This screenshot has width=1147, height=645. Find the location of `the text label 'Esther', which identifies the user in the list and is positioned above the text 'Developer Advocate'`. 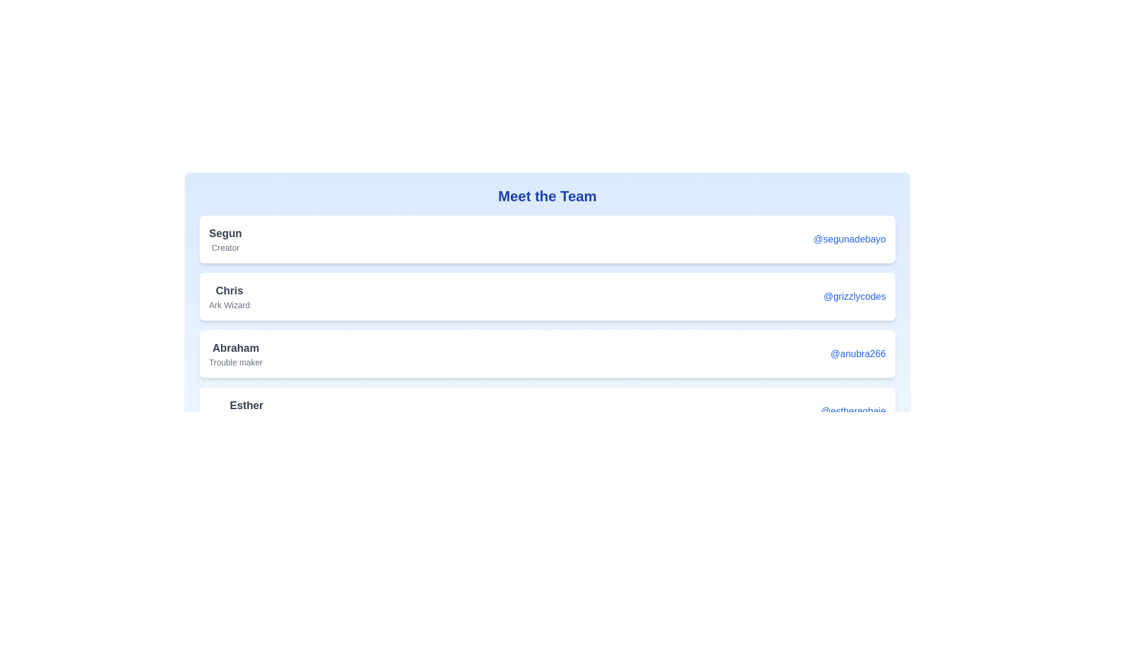

the text label 'Esther', which identifies the user in the list and is positioned above the text 'Developer Advocate' is located at coordinates (246, 404).